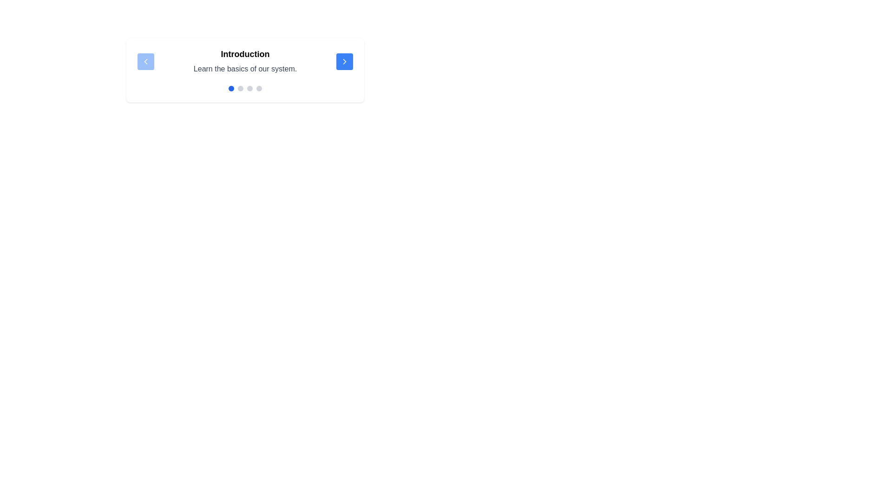 The image size is (892, 501). I want to click on the small right-facing arrow icon embedded in a rounded rectangle button on the right side of the 'Introduction' card, so click(344, 61).